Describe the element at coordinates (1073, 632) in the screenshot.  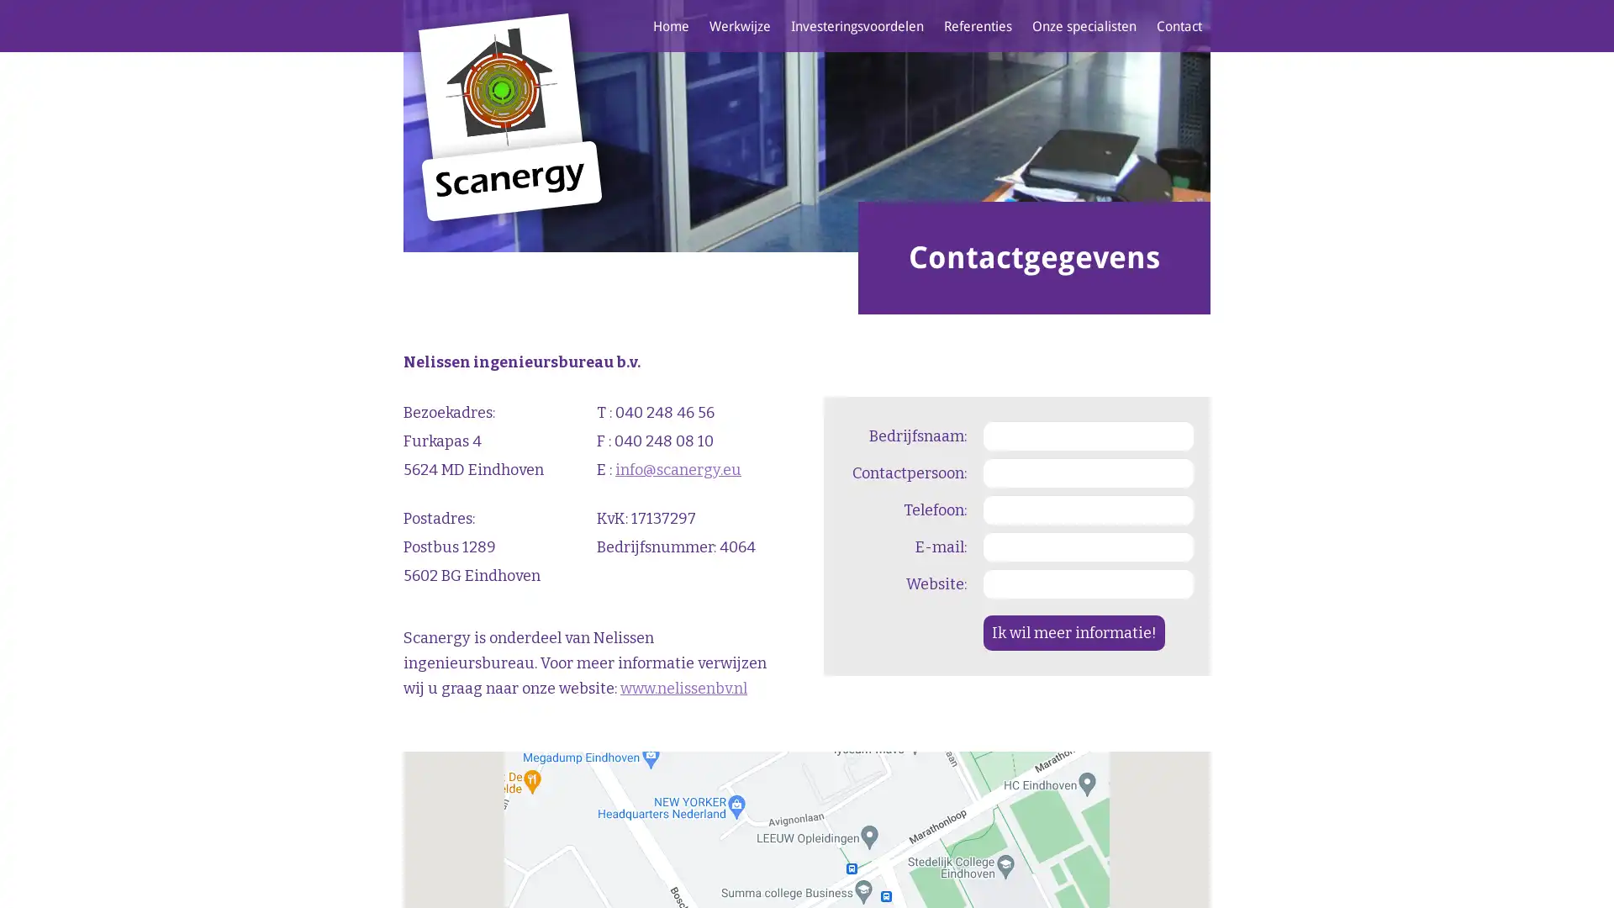
I see `Ik wil meer informatie!` at that location.